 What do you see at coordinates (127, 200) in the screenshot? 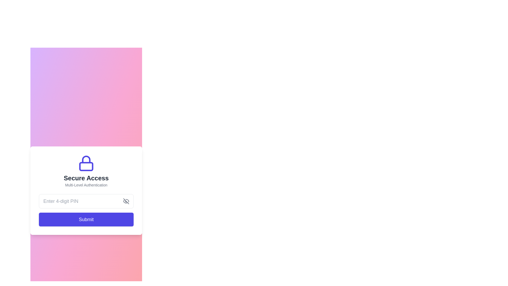
I see `the eye icon to toggle the visibility mode of the sensitive information in the 'Enter 4-digit PIN' input field` at bounding box center [127, 200].